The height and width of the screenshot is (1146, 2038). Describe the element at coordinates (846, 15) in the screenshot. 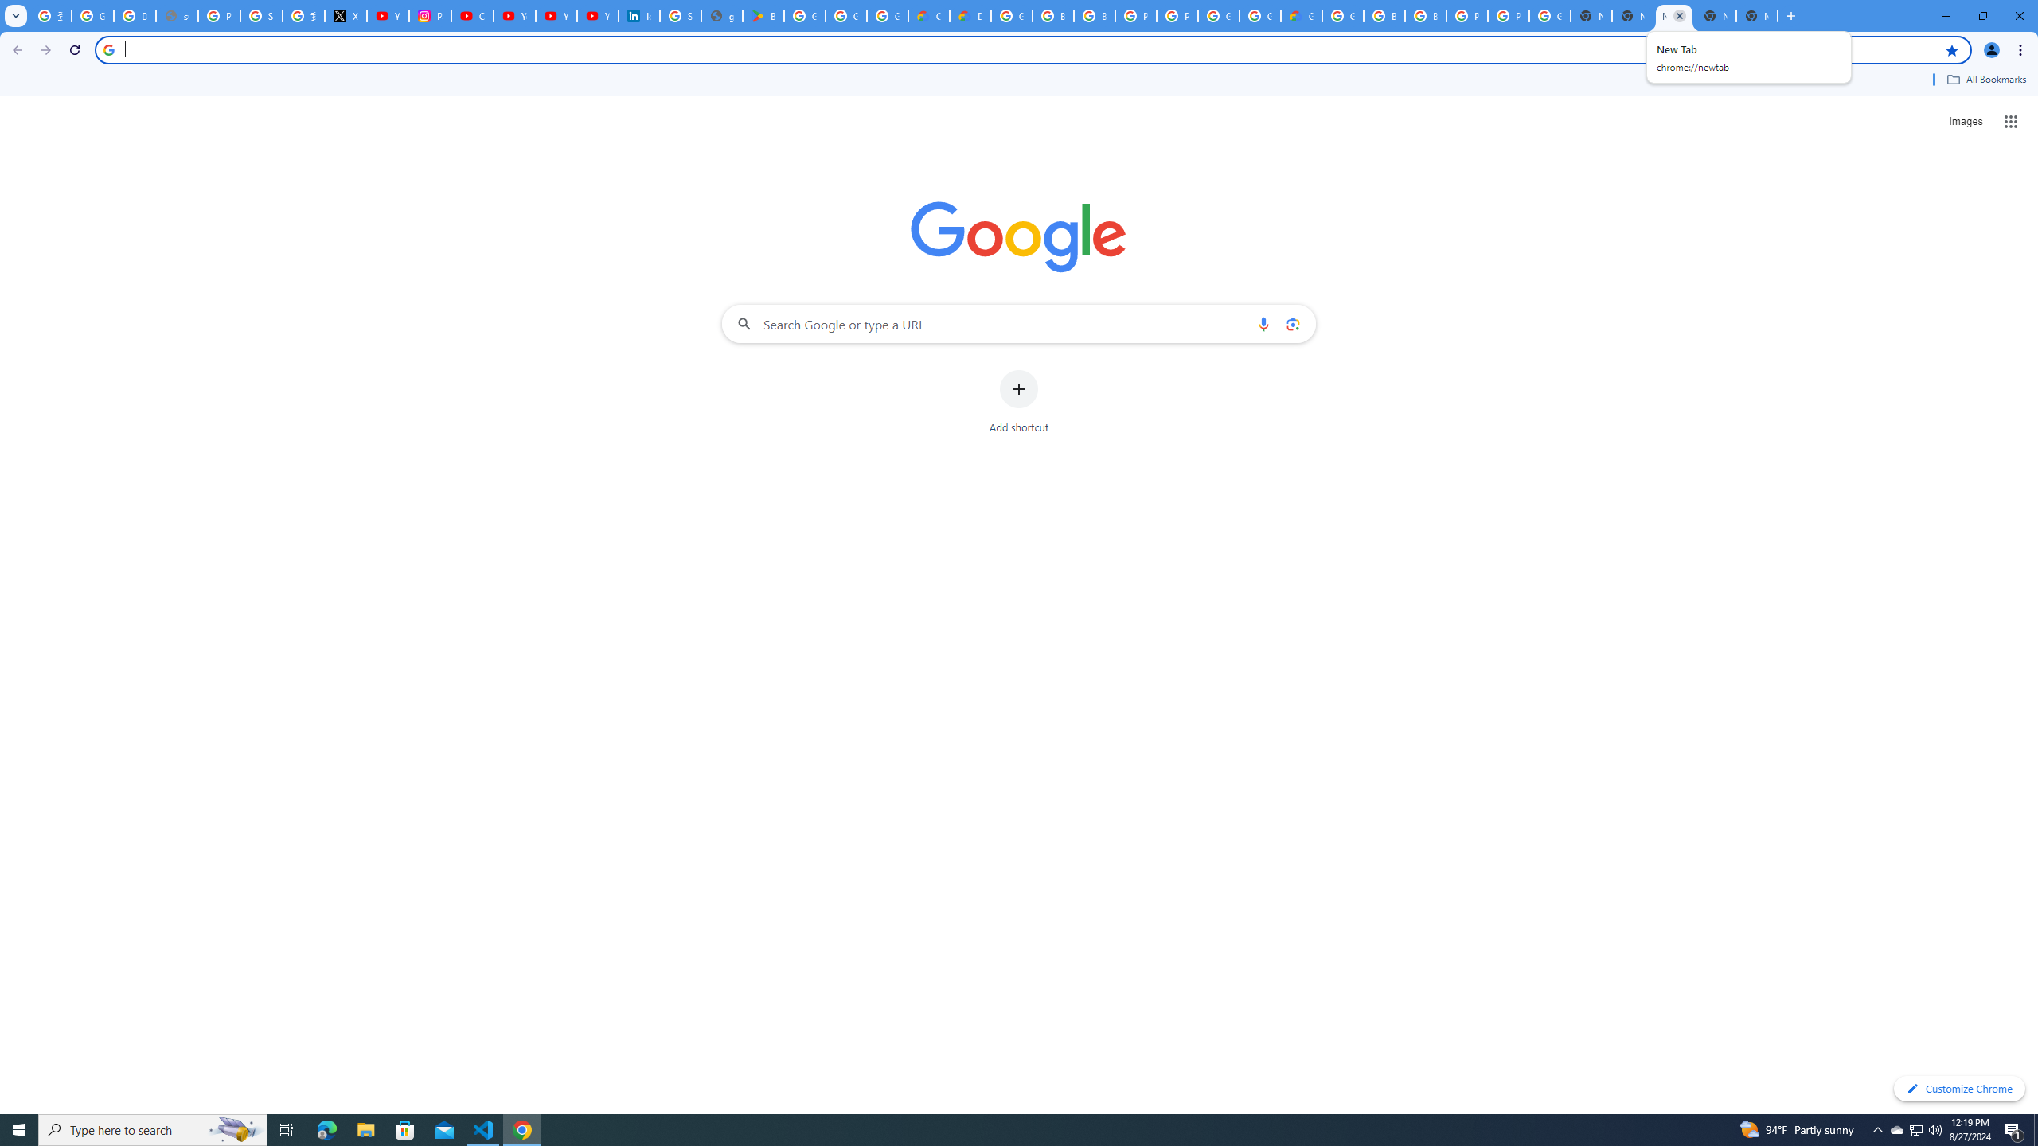

I see `'Google Workspace - Specific Terms'` at that location.